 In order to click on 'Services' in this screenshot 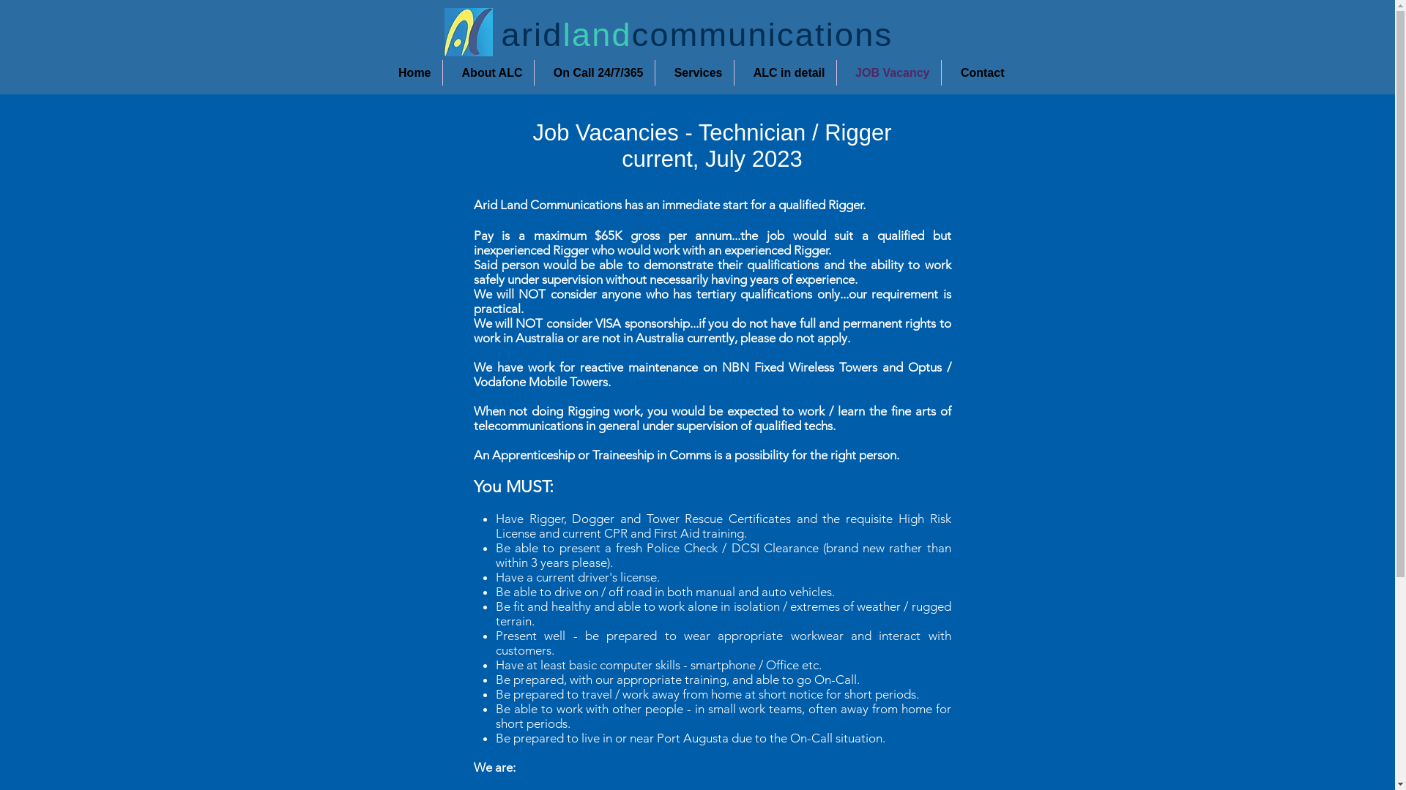, I will do `click(693, 72)`.